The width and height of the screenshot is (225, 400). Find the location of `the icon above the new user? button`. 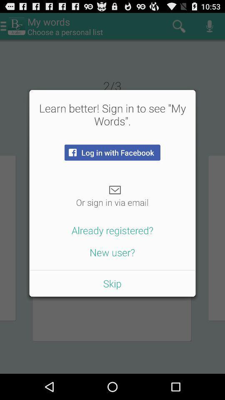

the icon above the new user? button is located at coordinates (112, 230).